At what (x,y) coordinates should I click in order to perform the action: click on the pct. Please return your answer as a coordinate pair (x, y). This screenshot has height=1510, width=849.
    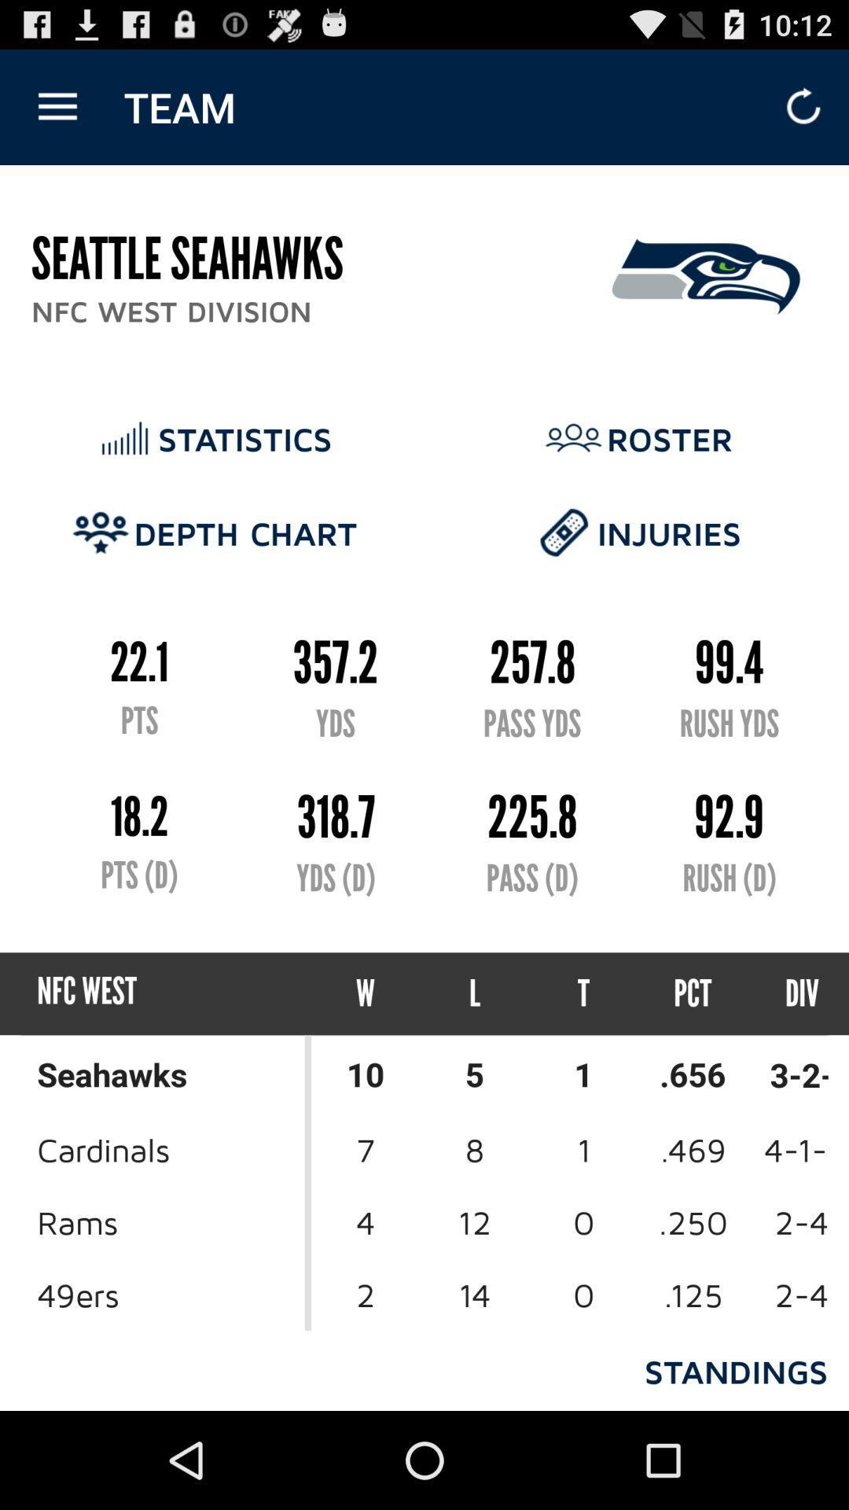
    Looking at the image, I should click on (692, 993).